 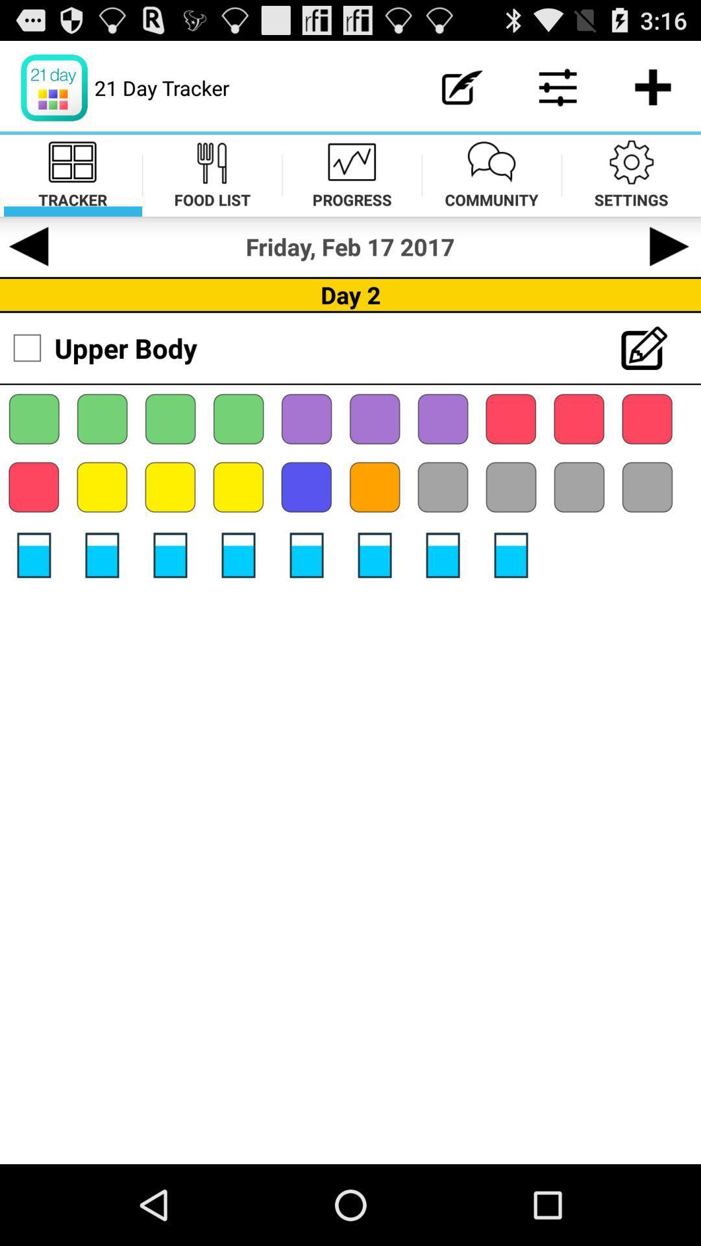 I want to click on the edit icon, so click(x=648, y=372).